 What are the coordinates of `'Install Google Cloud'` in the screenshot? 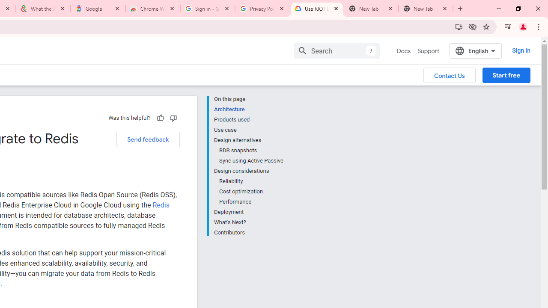 It's located at (459, 26).